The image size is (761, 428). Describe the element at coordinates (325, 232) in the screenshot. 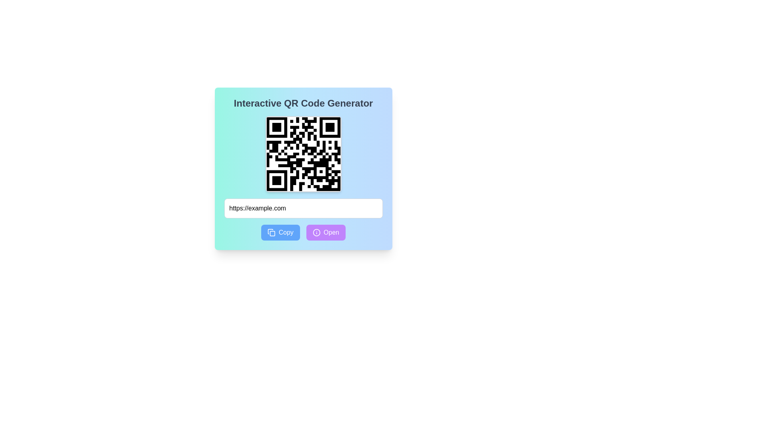

I see `the 'Open' button, which is a rectangular button with rounded corners, a purple background, and an information icon, located immediately to the right of the 'Copy' button in the lower-right section of the control area` at that location.